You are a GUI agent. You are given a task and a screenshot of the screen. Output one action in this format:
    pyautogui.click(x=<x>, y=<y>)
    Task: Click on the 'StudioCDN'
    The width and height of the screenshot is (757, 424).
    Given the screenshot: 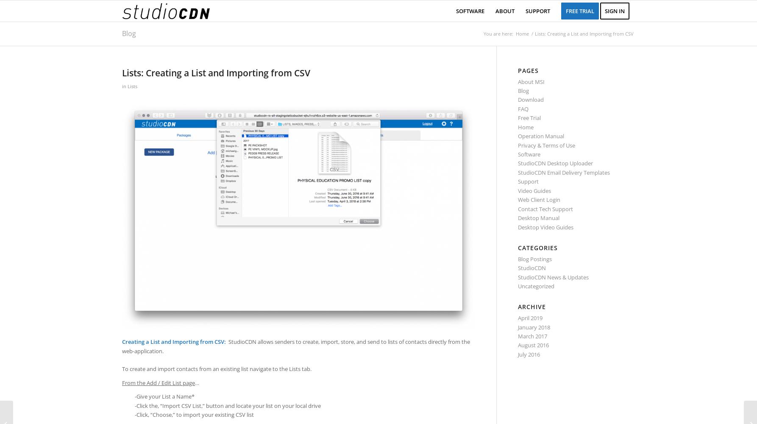 What is the action you would take?
    pyautogui.click(x=532, y=268)
    